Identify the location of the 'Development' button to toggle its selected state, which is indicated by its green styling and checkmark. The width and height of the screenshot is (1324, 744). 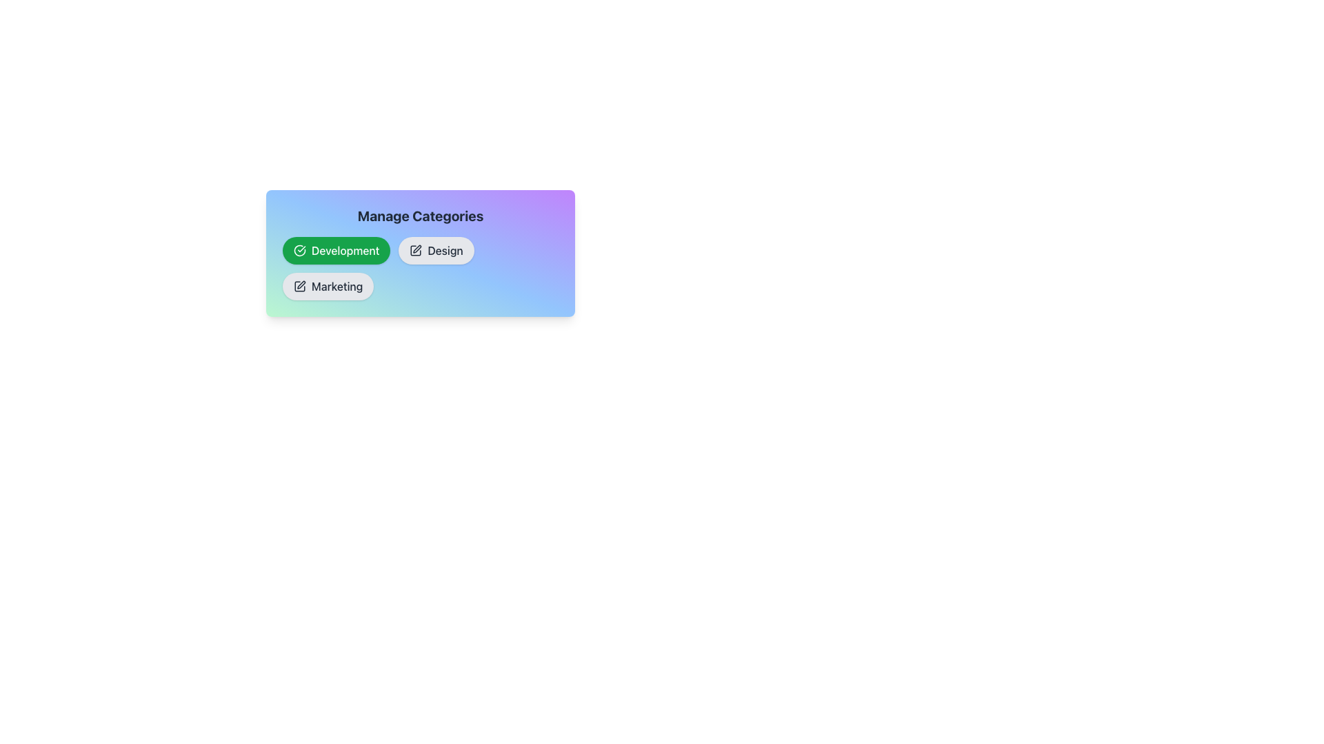
(345, 250).